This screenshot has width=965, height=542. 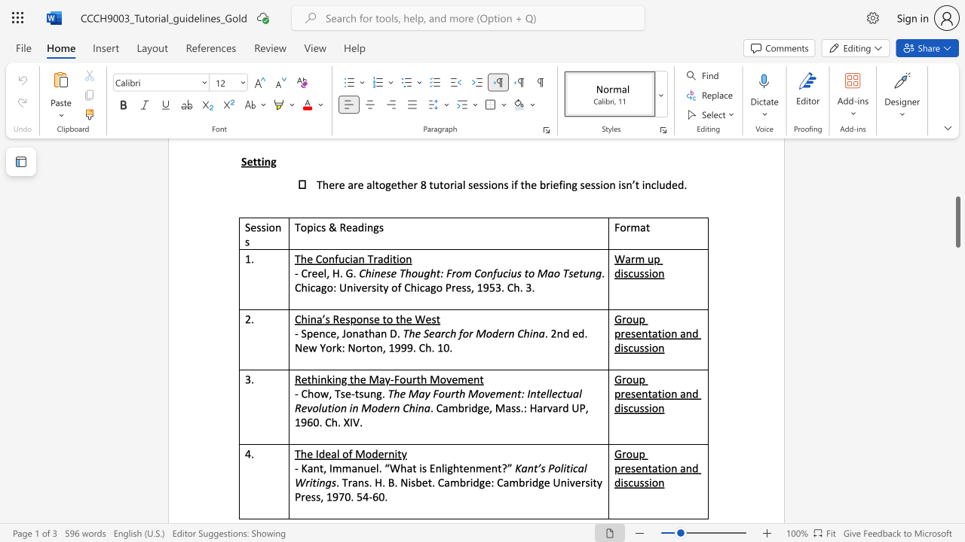 What do you see at coordinates (957, 222) in the screenshot?
I see `the scrollbar and move up 390 pixels` at bounding box center [957, 222].